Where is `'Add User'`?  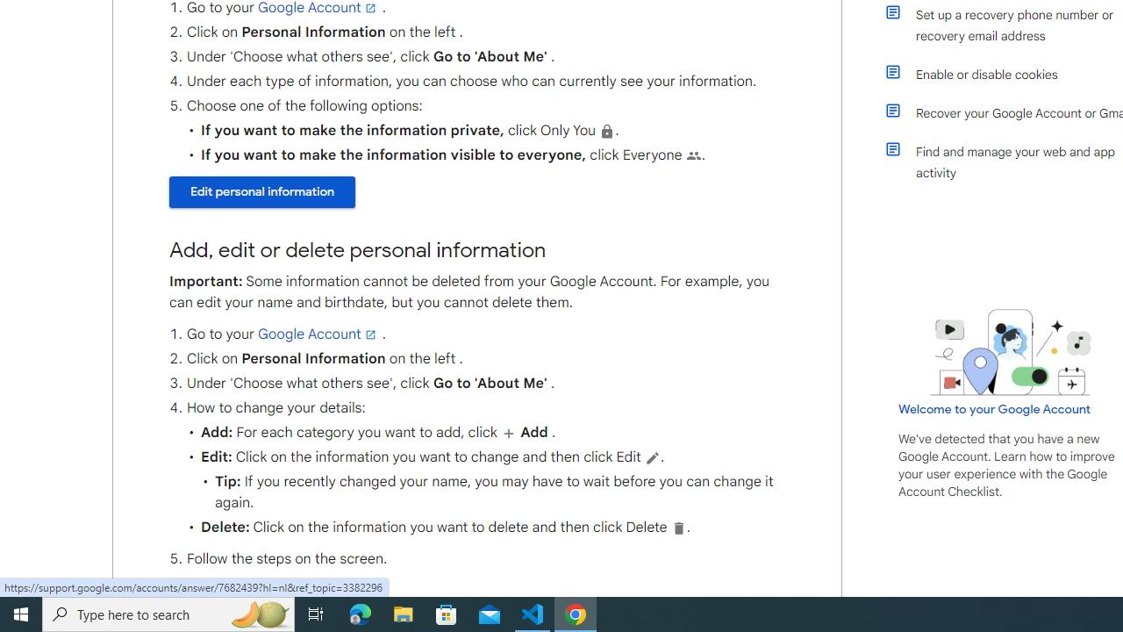 'Add User' is located at coordinates (507, 433).